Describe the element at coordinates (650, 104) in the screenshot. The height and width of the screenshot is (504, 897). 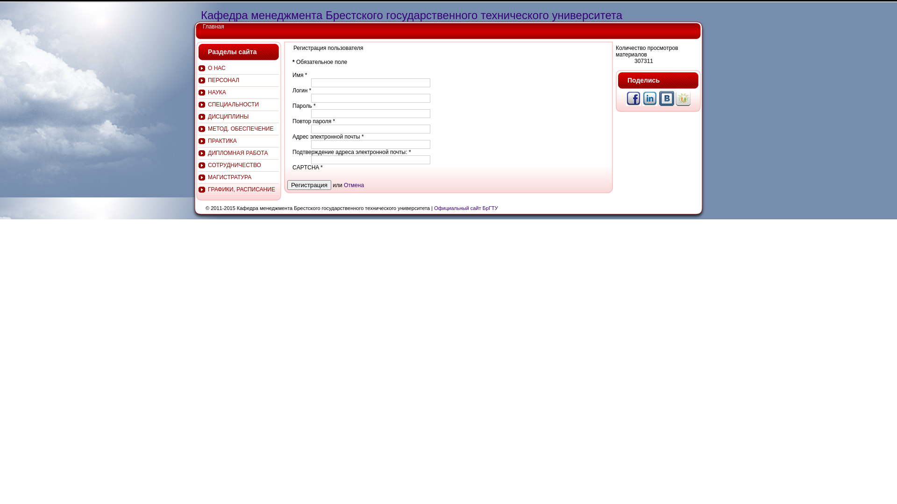
I see `'MOD_MVSOCIALBUTTONS_SUBMIT'` at that location.